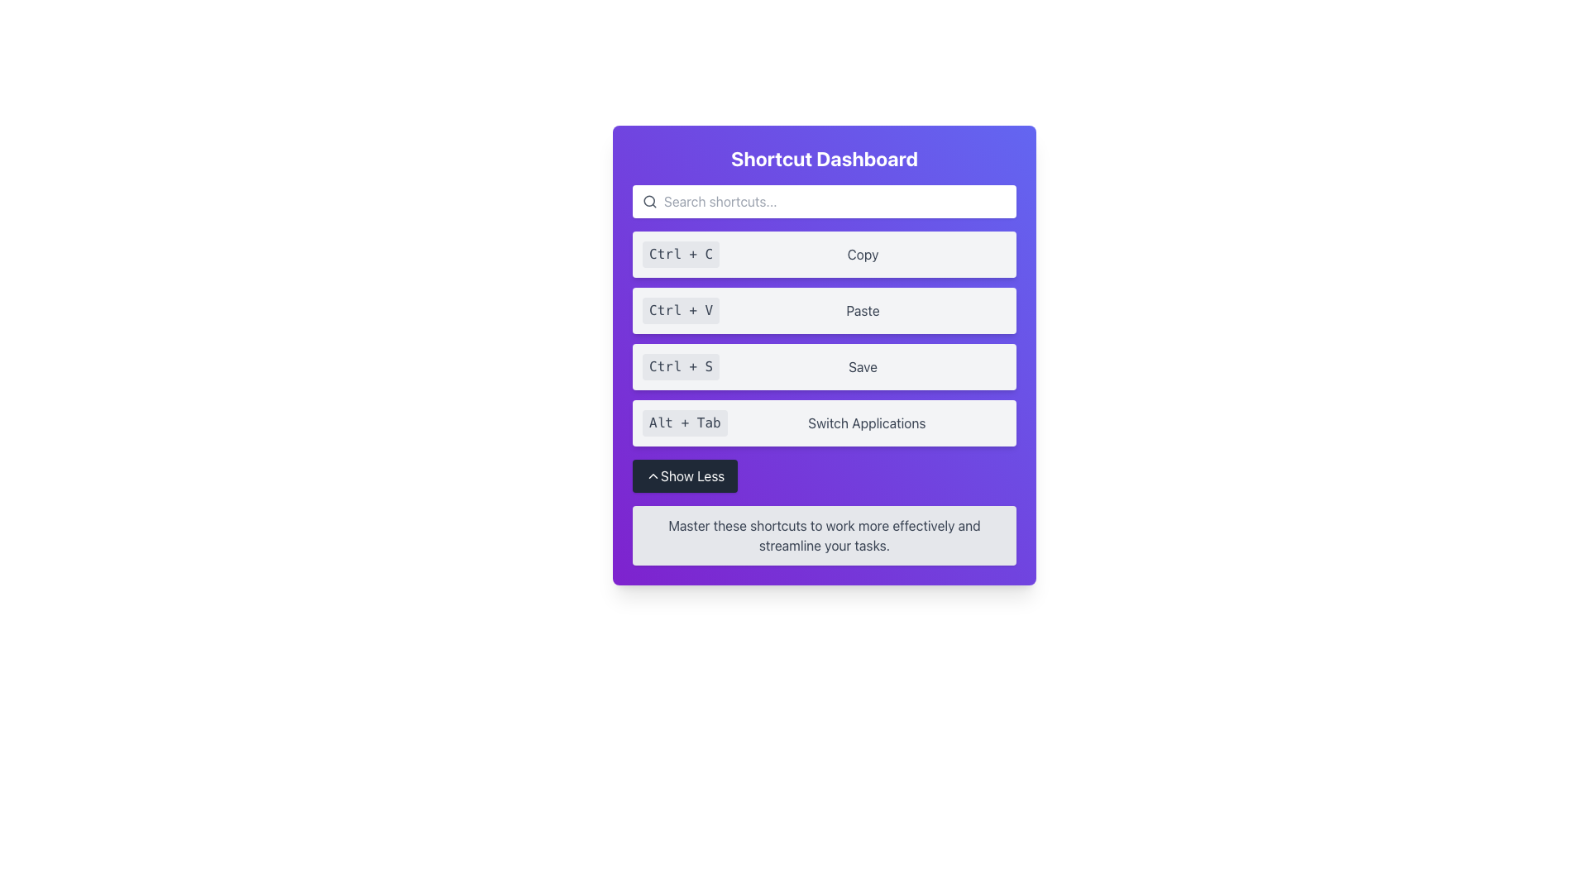 The image size is (1588, 893). I want to click on the static text label that describes the function of the 'Alt + Tab' keyboard shortcut, located below the 'Ctrl + S Save' section and above the 'Show Less' button, so click(866, 423).